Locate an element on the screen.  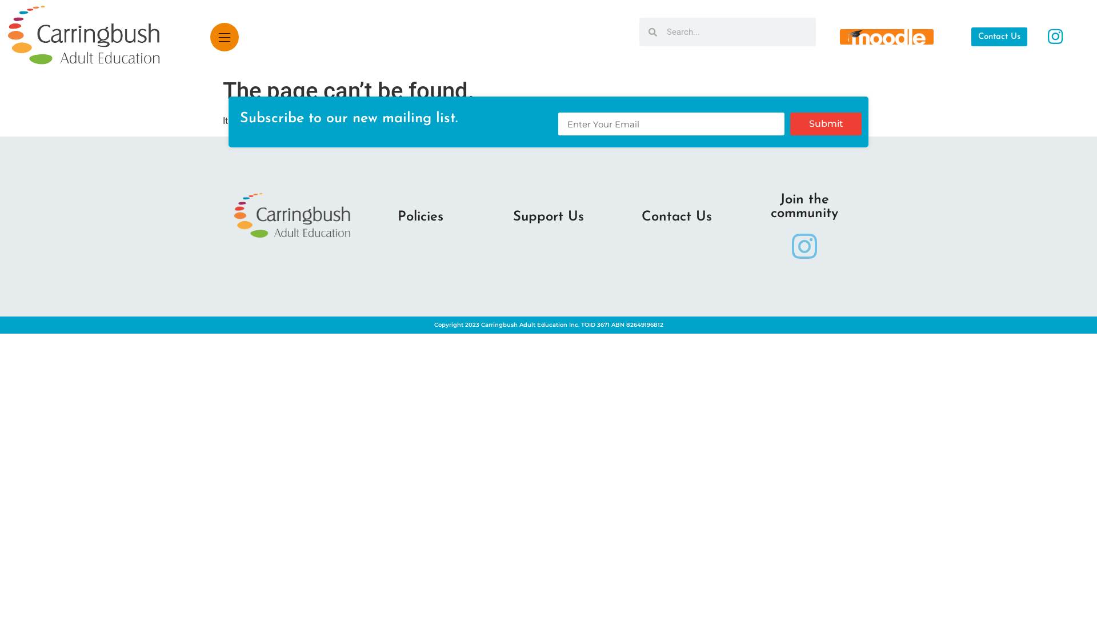
'Submit' is located at coordinates (789, 123).